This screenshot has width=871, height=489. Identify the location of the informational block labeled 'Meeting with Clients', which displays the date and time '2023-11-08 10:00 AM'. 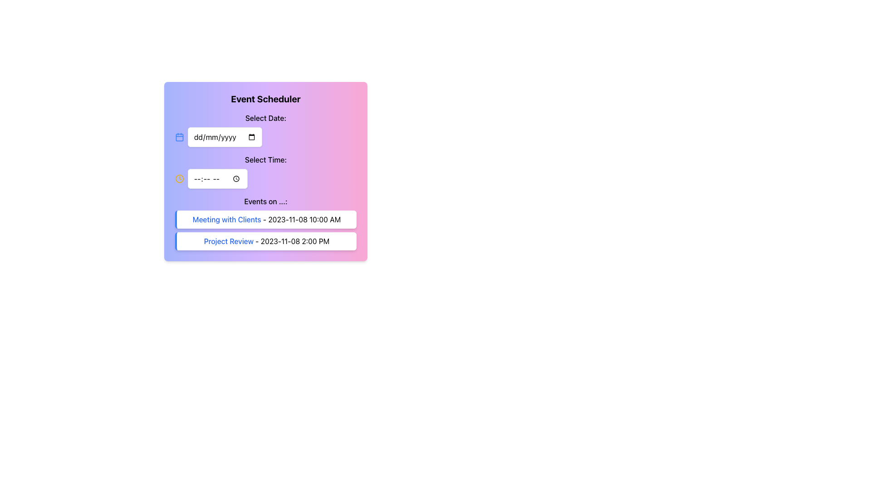
(265, 220).